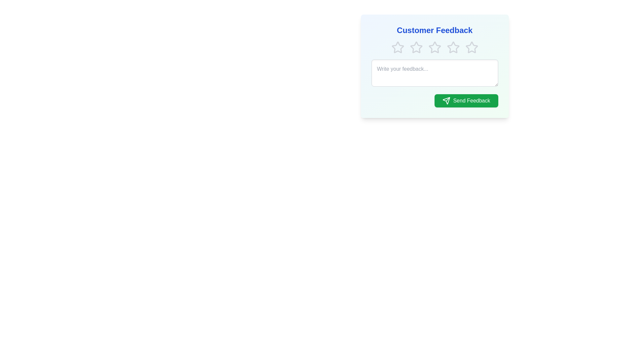 The image size is (634, 357). I want to click on the star corresponding to 2 stars to preview the rating, so click(416, 47).